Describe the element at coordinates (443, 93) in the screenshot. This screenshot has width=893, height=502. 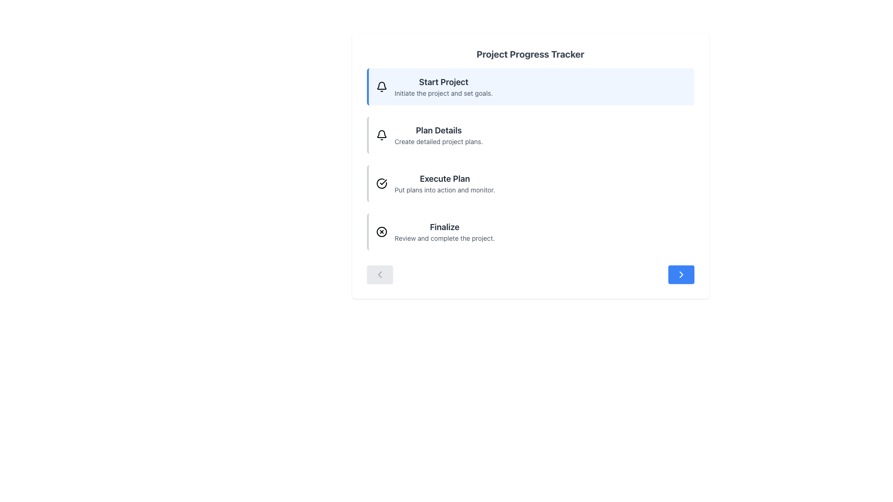
I see `the descriptive text label located under the 'Start Project' header in the 'Project Progress Tracker' section` at that location.